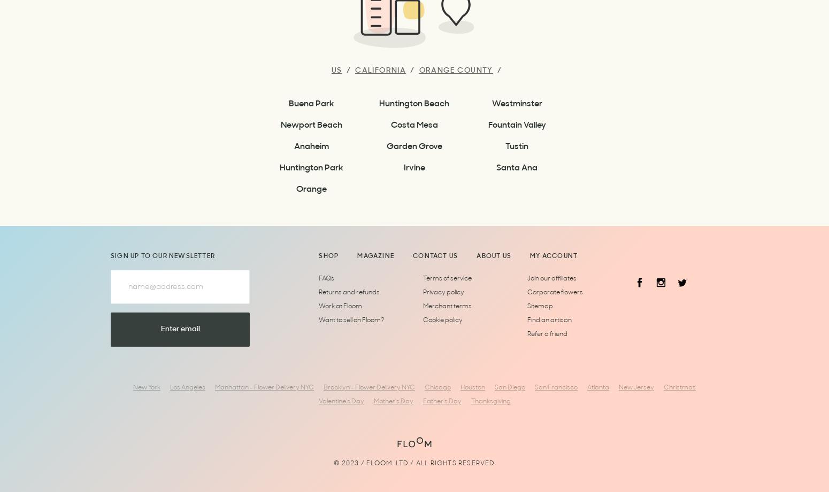 The height and width of the screenshot is (492, 829). Describe the element at coordinates (414, 125) in the screenshot. I see `'Costa Mesa'` at that location.